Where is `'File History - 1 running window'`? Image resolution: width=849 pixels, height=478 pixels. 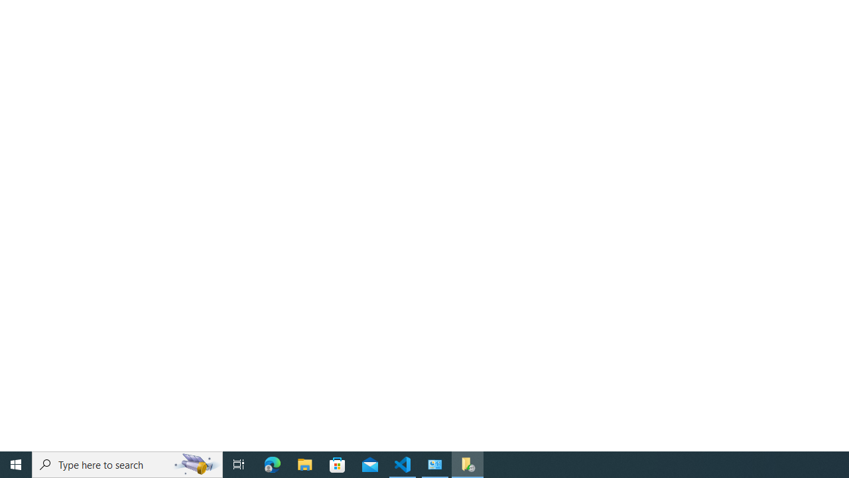 'File History - 1 running window' is located at coordinates (468, 463).